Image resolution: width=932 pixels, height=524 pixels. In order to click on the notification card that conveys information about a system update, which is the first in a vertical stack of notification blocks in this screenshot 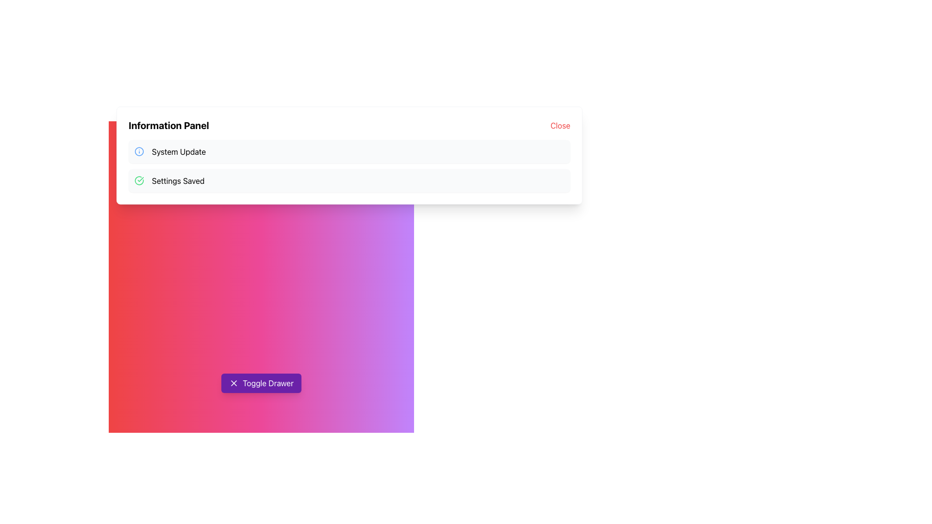, I will do `click(349, 151)`.